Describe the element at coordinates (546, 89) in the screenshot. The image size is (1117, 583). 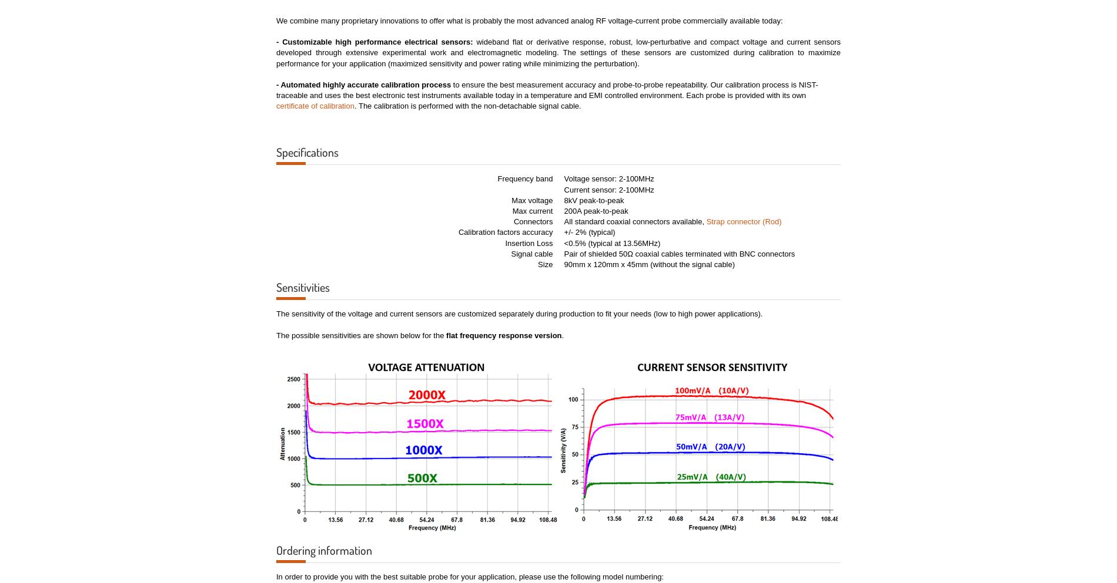
I see `'to ensure the best measurement accuracy and probe-to-probe repeatability. Our calibration process
    is NIST-traceable and uses the best electronic test instruments available today in a temperature and EMI controlled environment. Each probe is provided with its own'` at that location.